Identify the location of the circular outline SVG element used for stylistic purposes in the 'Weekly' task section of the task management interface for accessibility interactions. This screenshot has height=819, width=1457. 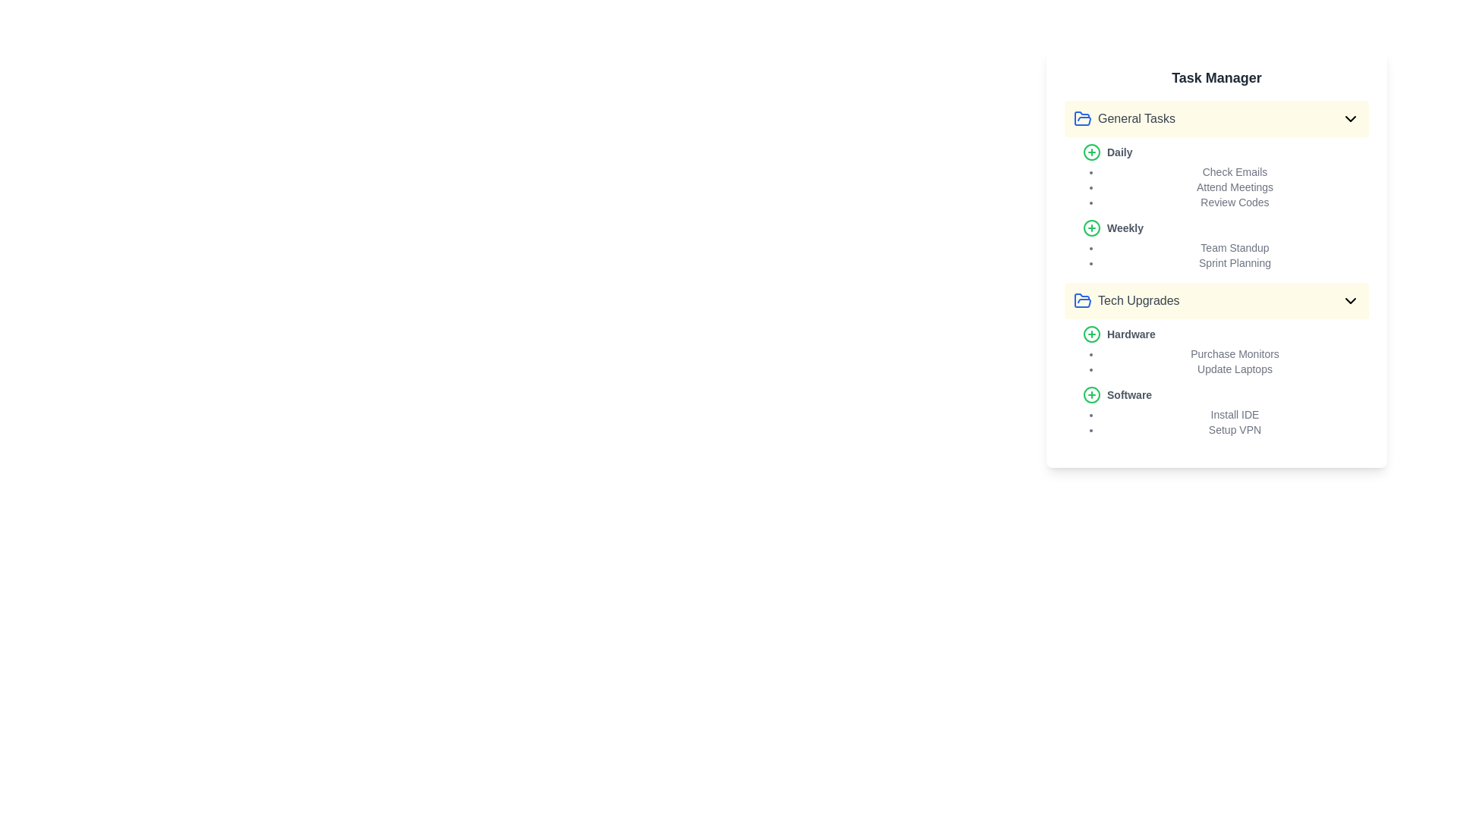
(1091, 227).